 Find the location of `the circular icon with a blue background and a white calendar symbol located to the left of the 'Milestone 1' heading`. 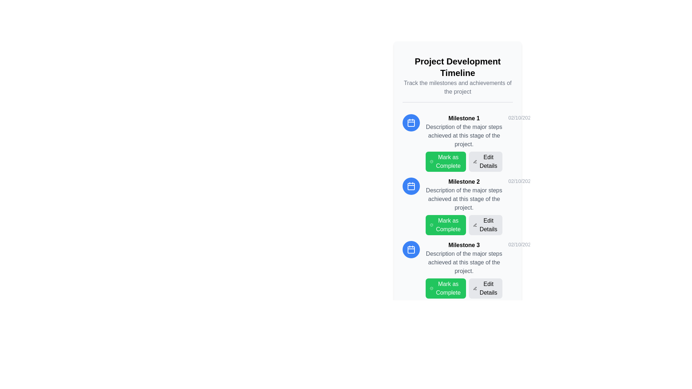

the circular icon with a blue background and a white calendar symbol located to the left of the 'Milestone 1' heading is located at coordinates (411, 122).